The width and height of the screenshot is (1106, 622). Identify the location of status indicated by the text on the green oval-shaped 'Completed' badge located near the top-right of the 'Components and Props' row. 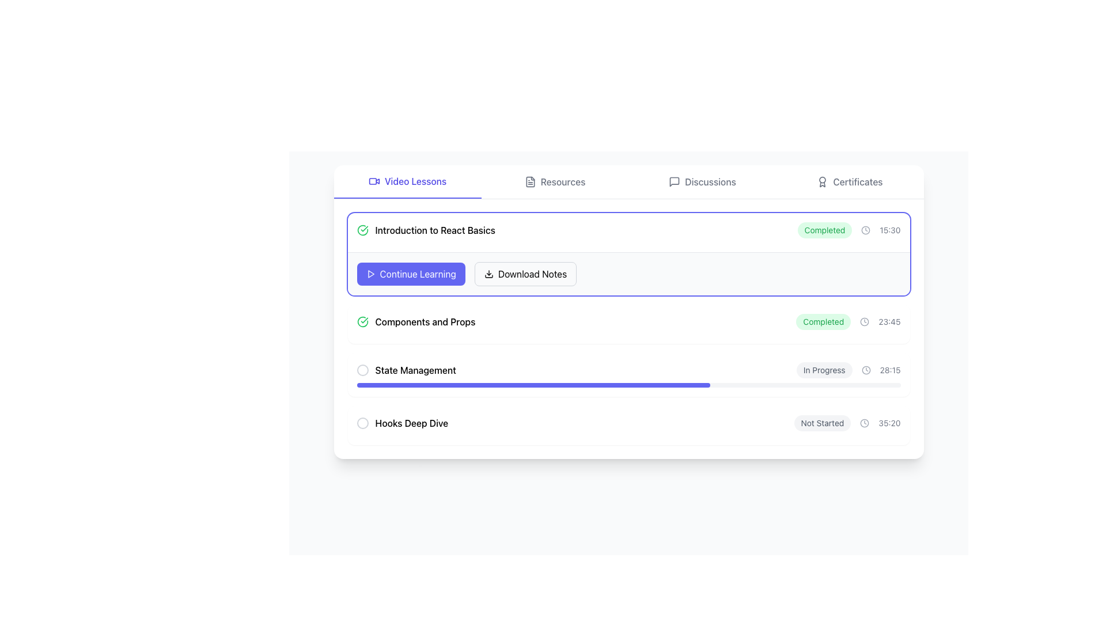
(823, 322).